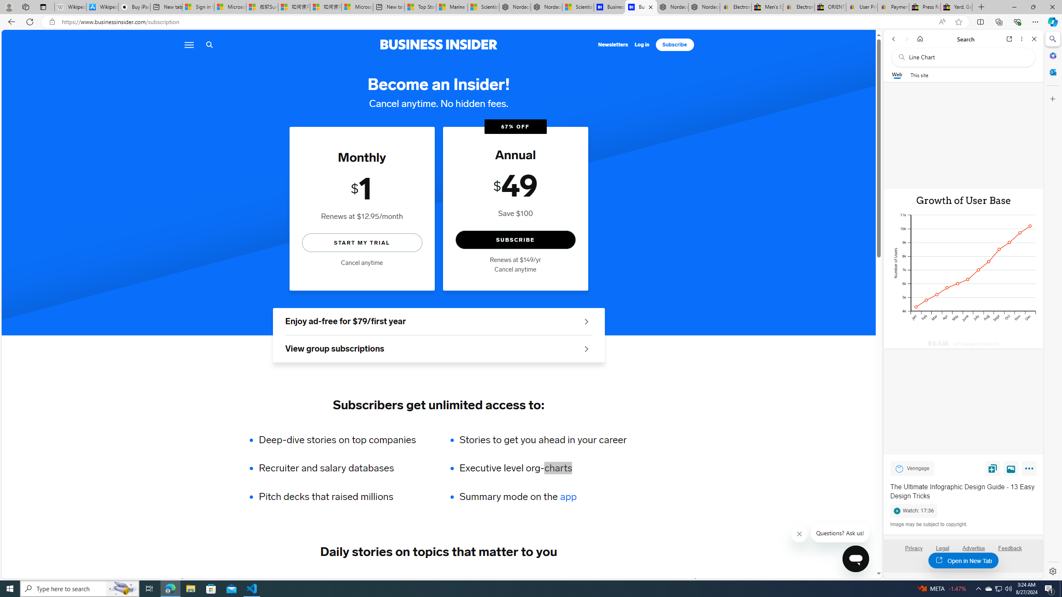  I want to click on 'Recruiter and salary databases', so click(343, 468).